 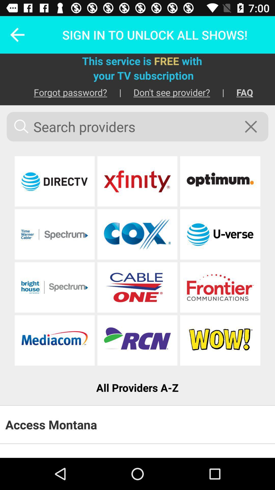 I want to click on provider mediacom, so click(x=54, y=340).